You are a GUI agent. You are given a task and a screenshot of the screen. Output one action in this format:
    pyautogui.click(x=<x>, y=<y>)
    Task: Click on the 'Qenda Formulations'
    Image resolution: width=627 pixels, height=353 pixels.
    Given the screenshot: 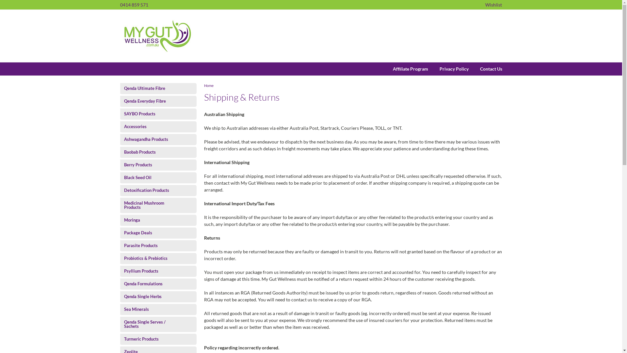 What is the action you would take?
    pyautogui.click(x=152, y=283)
    